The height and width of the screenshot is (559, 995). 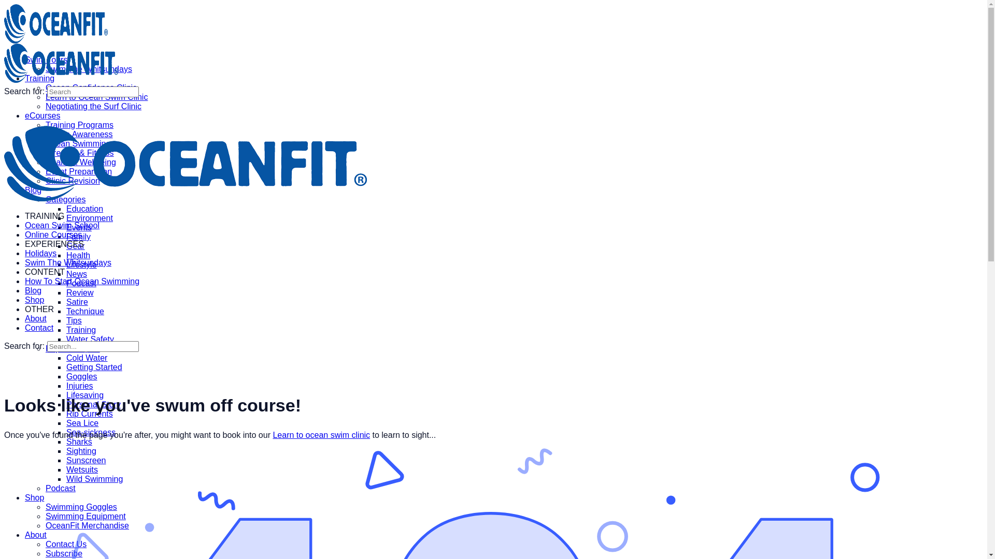 I want to click on 'Review', so click(x=79, y=292).